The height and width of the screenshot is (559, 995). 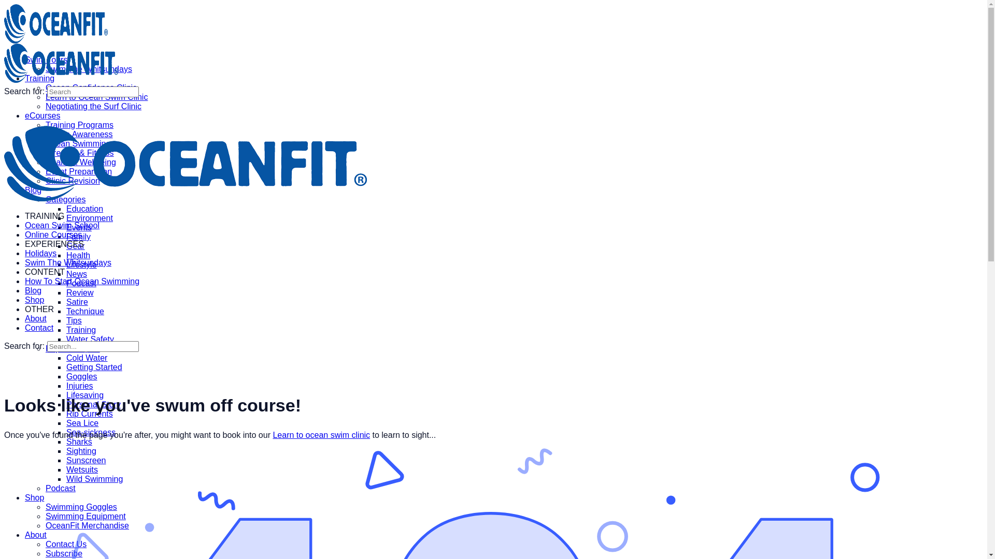 I want to click on 'Review', so click(x=79, y=292).